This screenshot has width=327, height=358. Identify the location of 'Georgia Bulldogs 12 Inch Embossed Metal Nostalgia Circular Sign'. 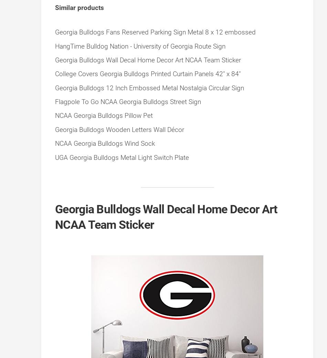
(149, 88).